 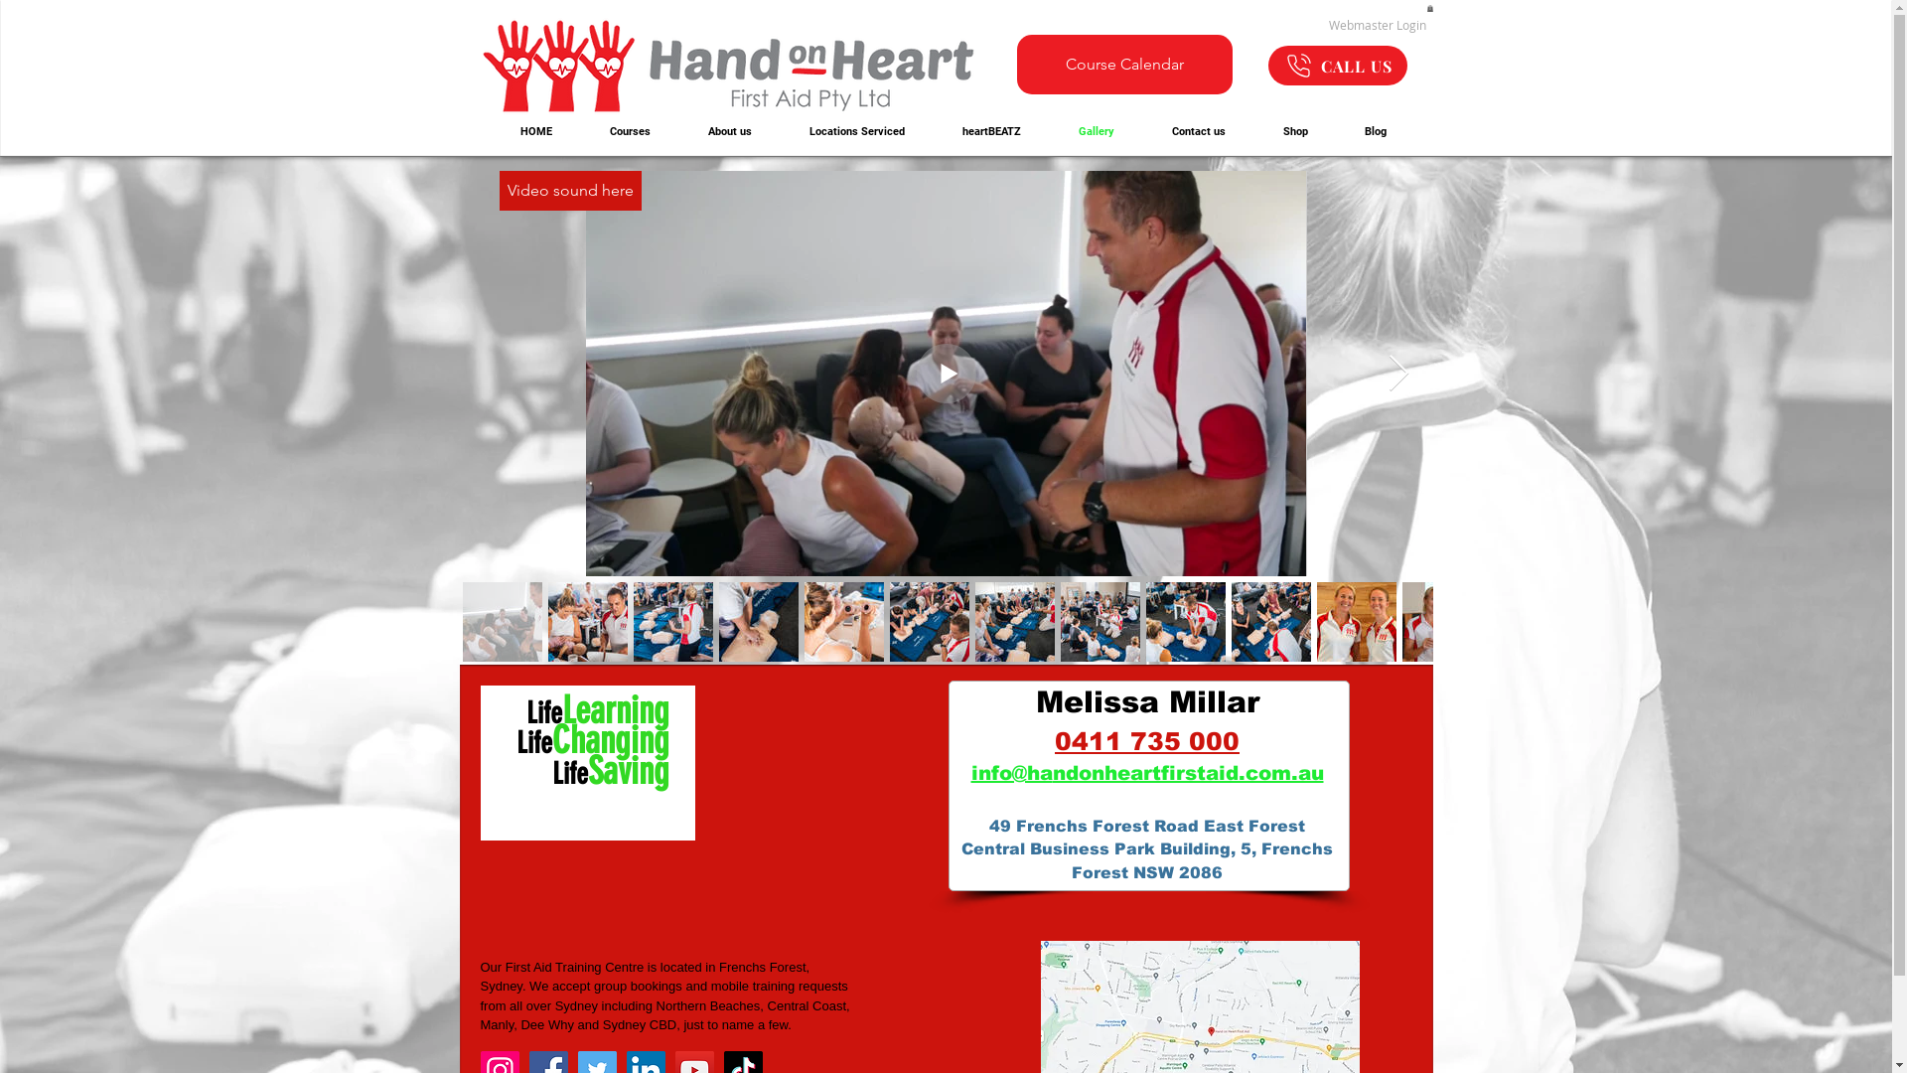 What do you see at coordinates (1336, 64) in the screenshot?
I see `'CALL US'` at bounding box center [1336, 64].